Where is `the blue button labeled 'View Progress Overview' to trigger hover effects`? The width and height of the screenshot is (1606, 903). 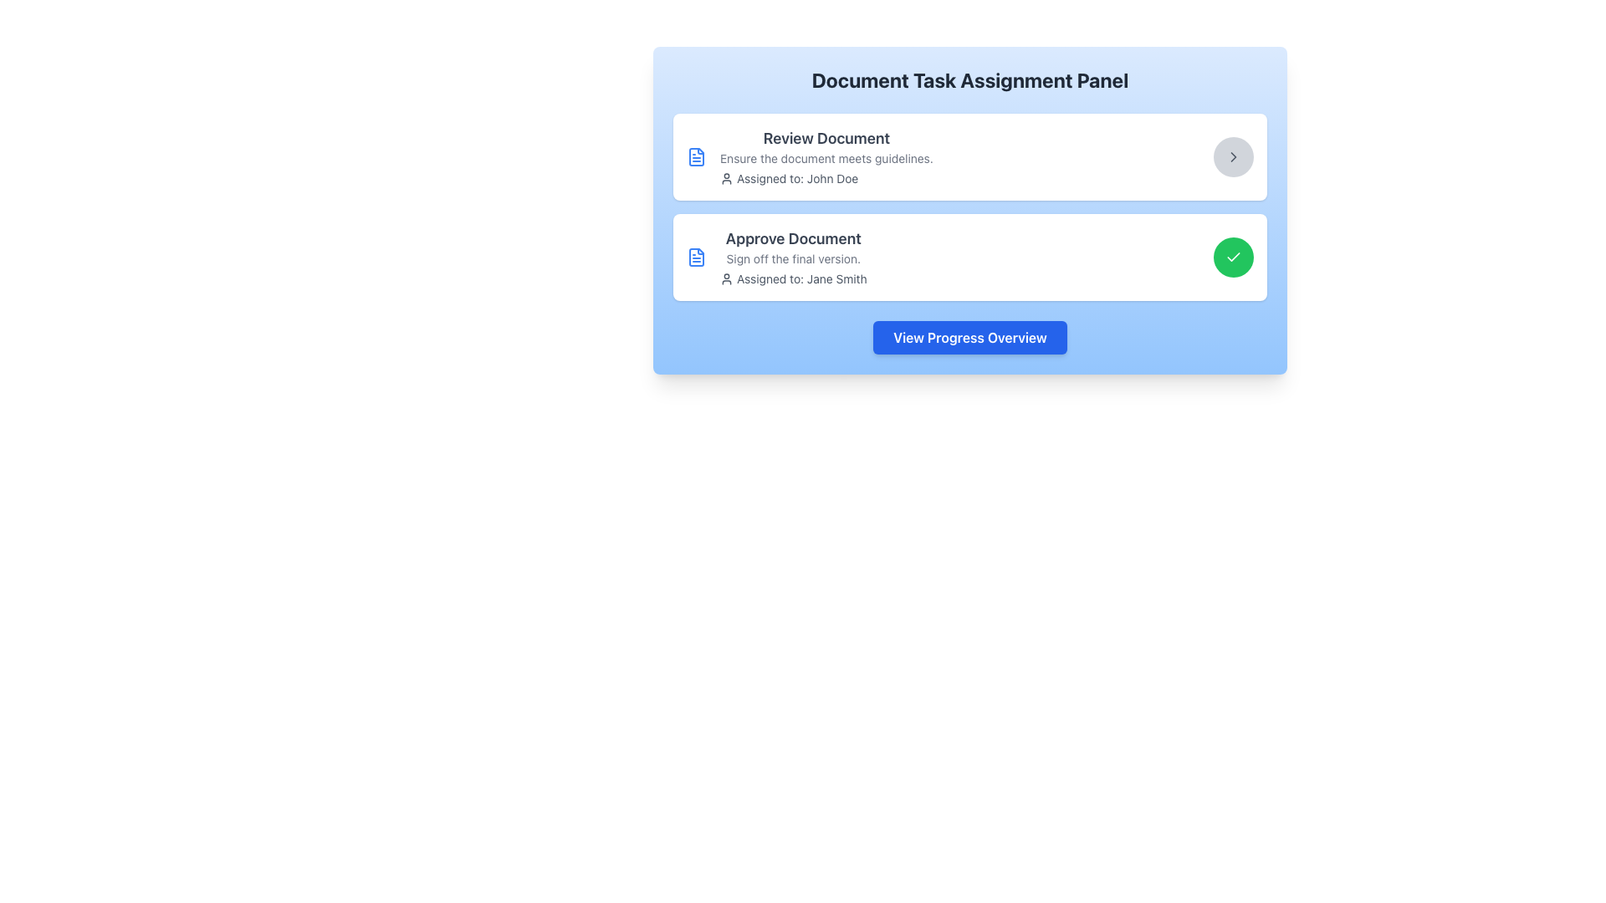
the blue button labeled 'View Progress Overview' to trigger hover effects is located at coordinates (970, 338).